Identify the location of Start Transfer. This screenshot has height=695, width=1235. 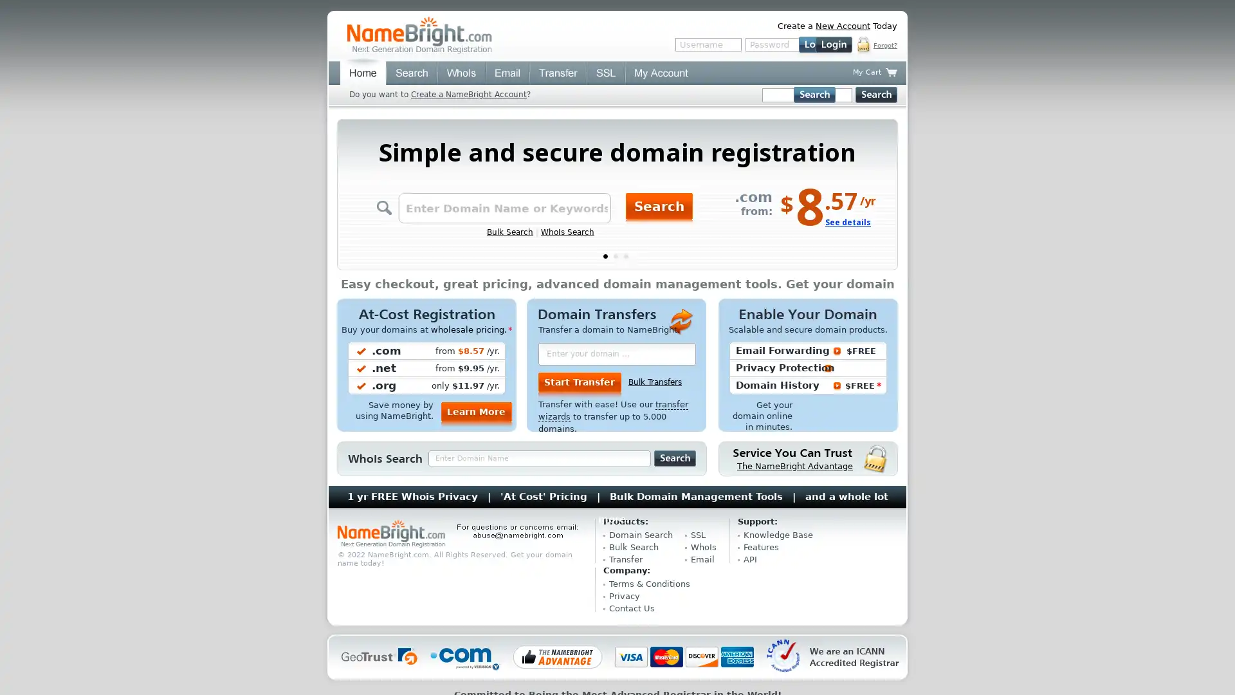
(579, 384).